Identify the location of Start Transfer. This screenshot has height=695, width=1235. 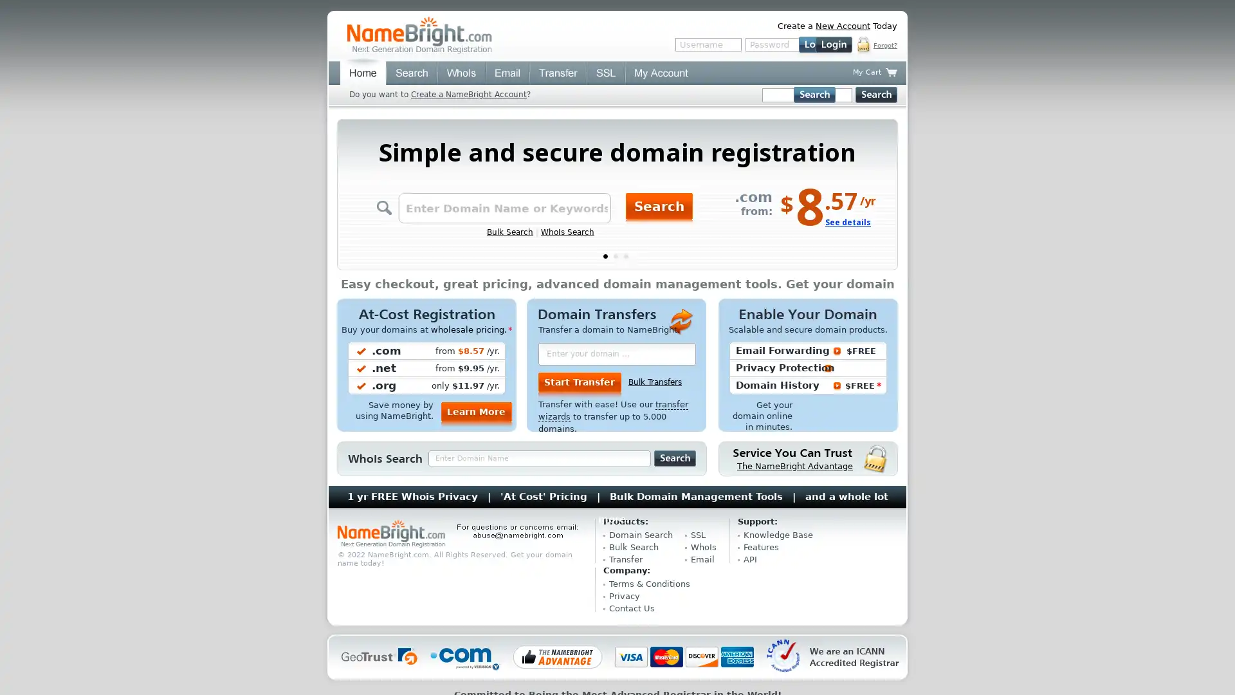
(579, 384).